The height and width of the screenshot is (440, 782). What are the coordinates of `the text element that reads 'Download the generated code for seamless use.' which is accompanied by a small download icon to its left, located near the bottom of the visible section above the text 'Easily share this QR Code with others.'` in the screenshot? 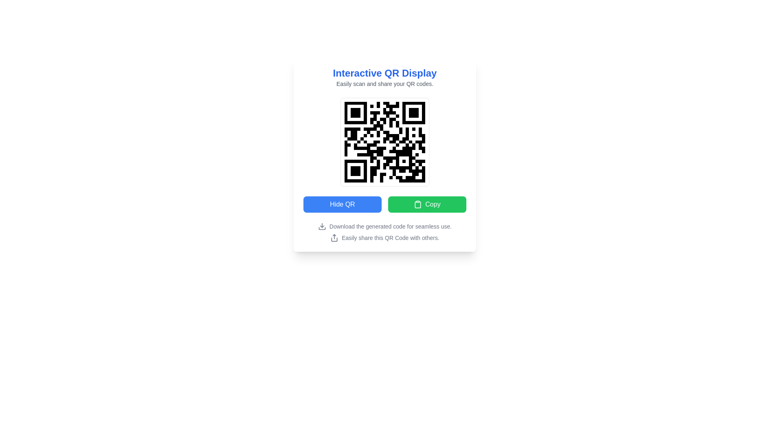 It's located at (384, 226).